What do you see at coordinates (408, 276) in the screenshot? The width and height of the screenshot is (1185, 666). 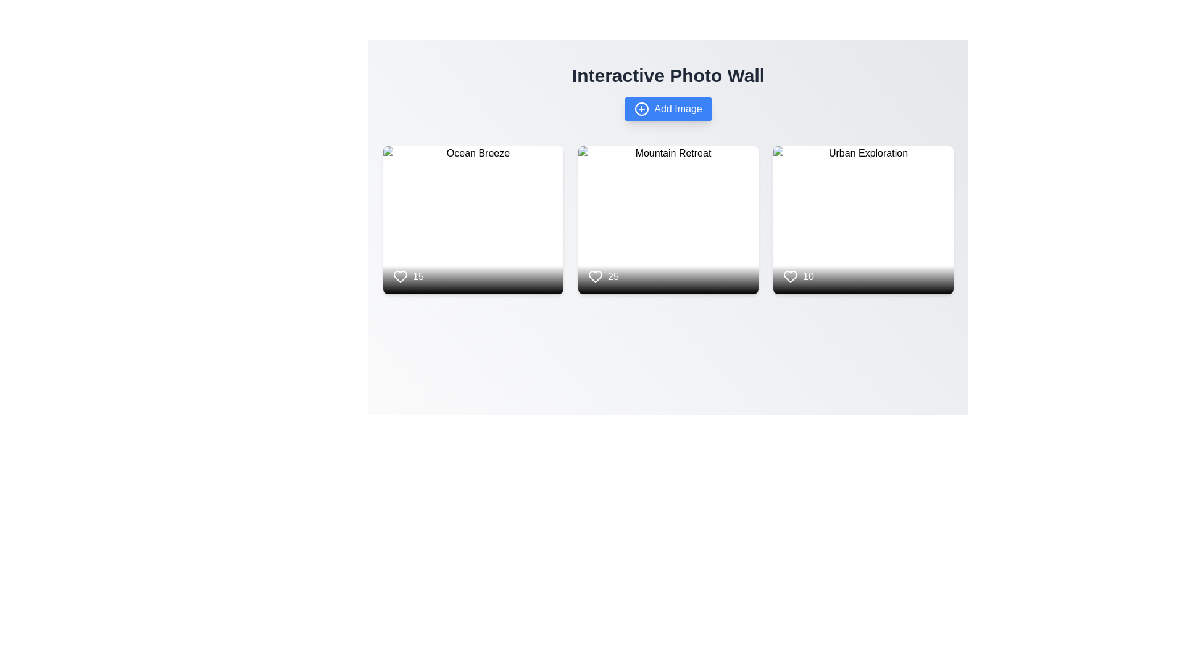 I see `the like icon-text pair located at the bottom left of the 'Ocean Breeze' card to increment the likes count` at bounding box center [408, 276].